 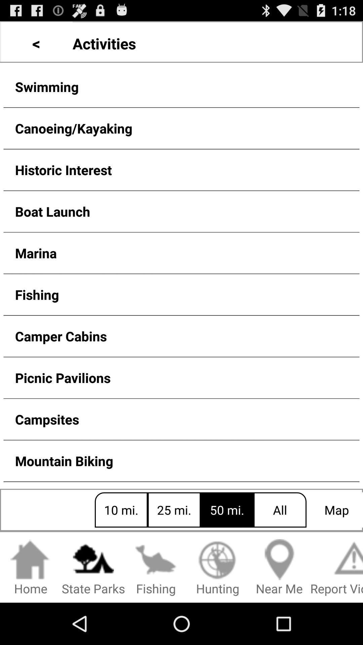 What do you see at coordinates (182, 86) in the screenshot?
I see `the button below <` at bounding box center [182, 86].